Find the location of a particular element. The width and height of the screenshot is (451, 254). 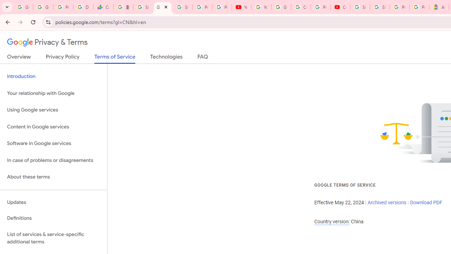

'YouTube' is located at coordinates (242, 7).